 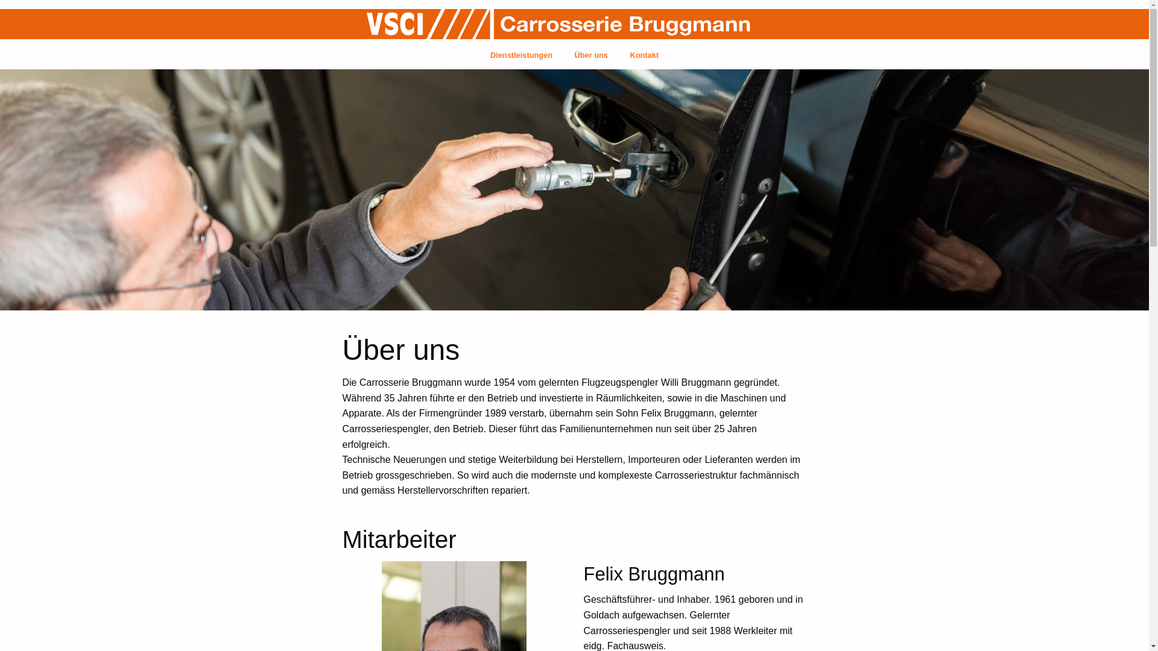 What do you see at coordinates (643, 55) in the screenshot?
I see `'Kontakt'` at bounding box center [643, 55].